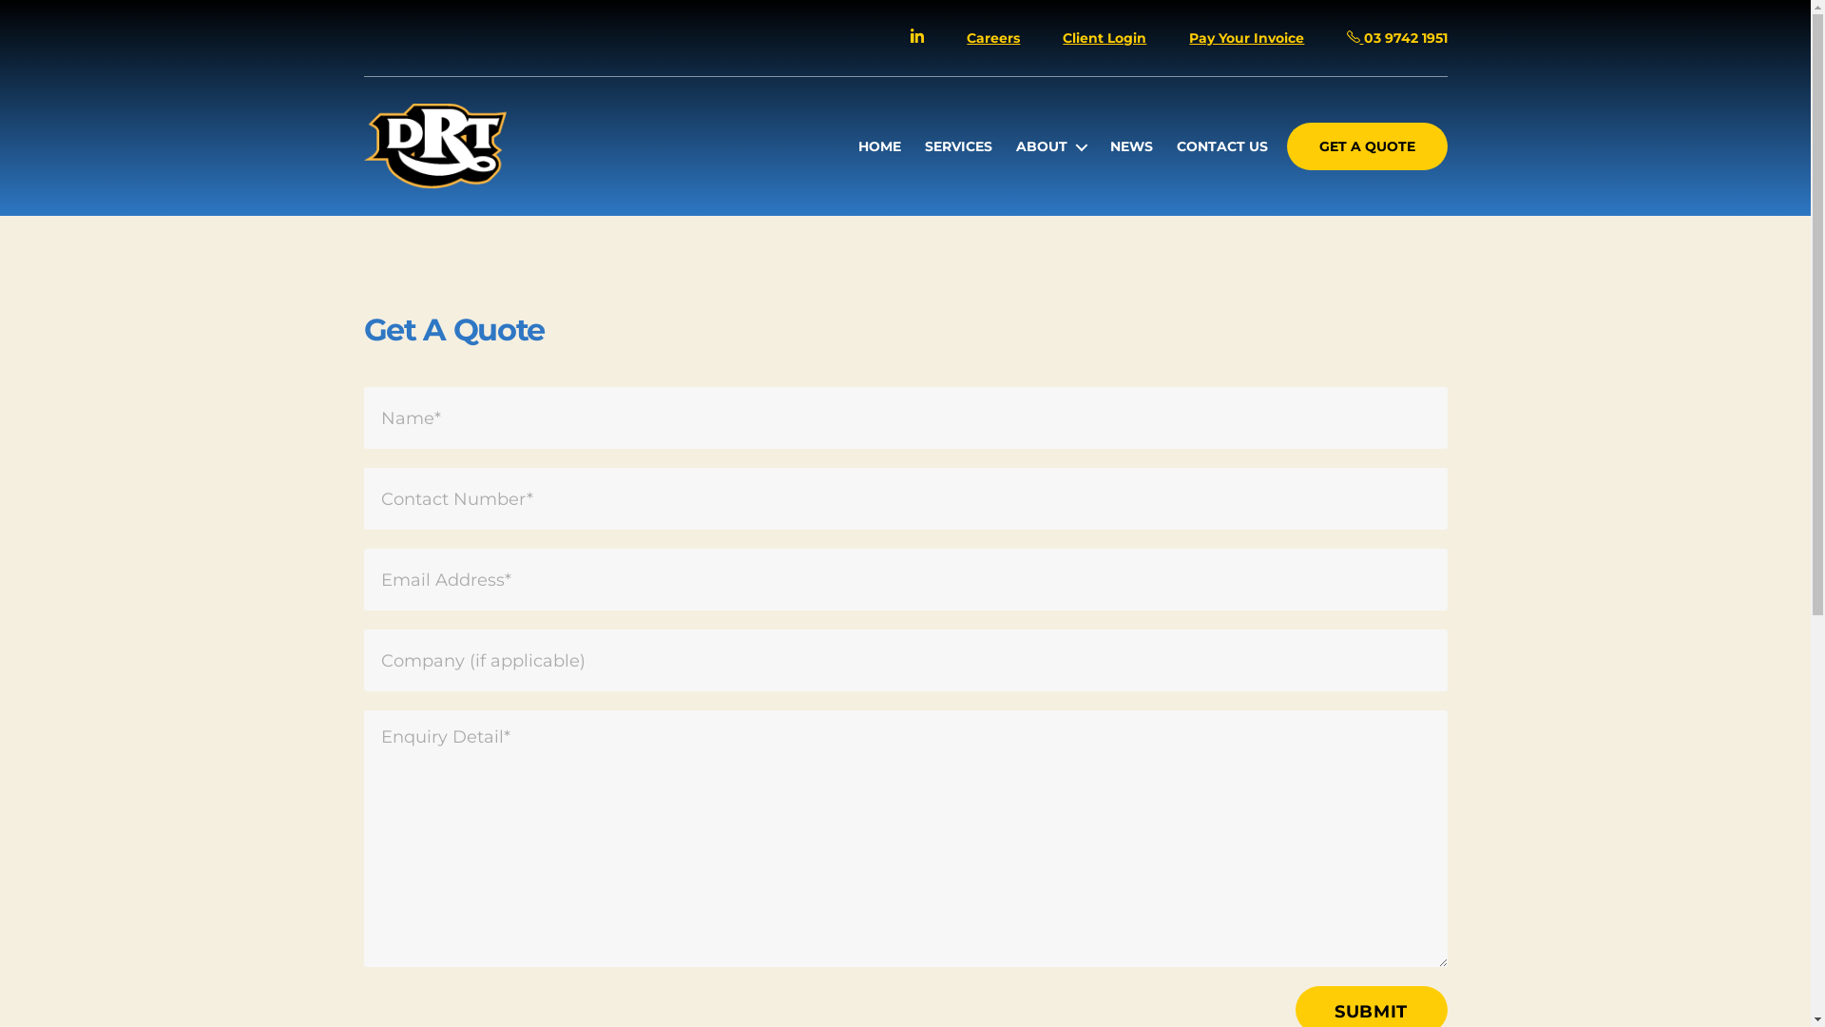 Image resolution: width=1825 pixels, height=1027 pixels. I want to click on 'SERVICES', so click(925, 145).